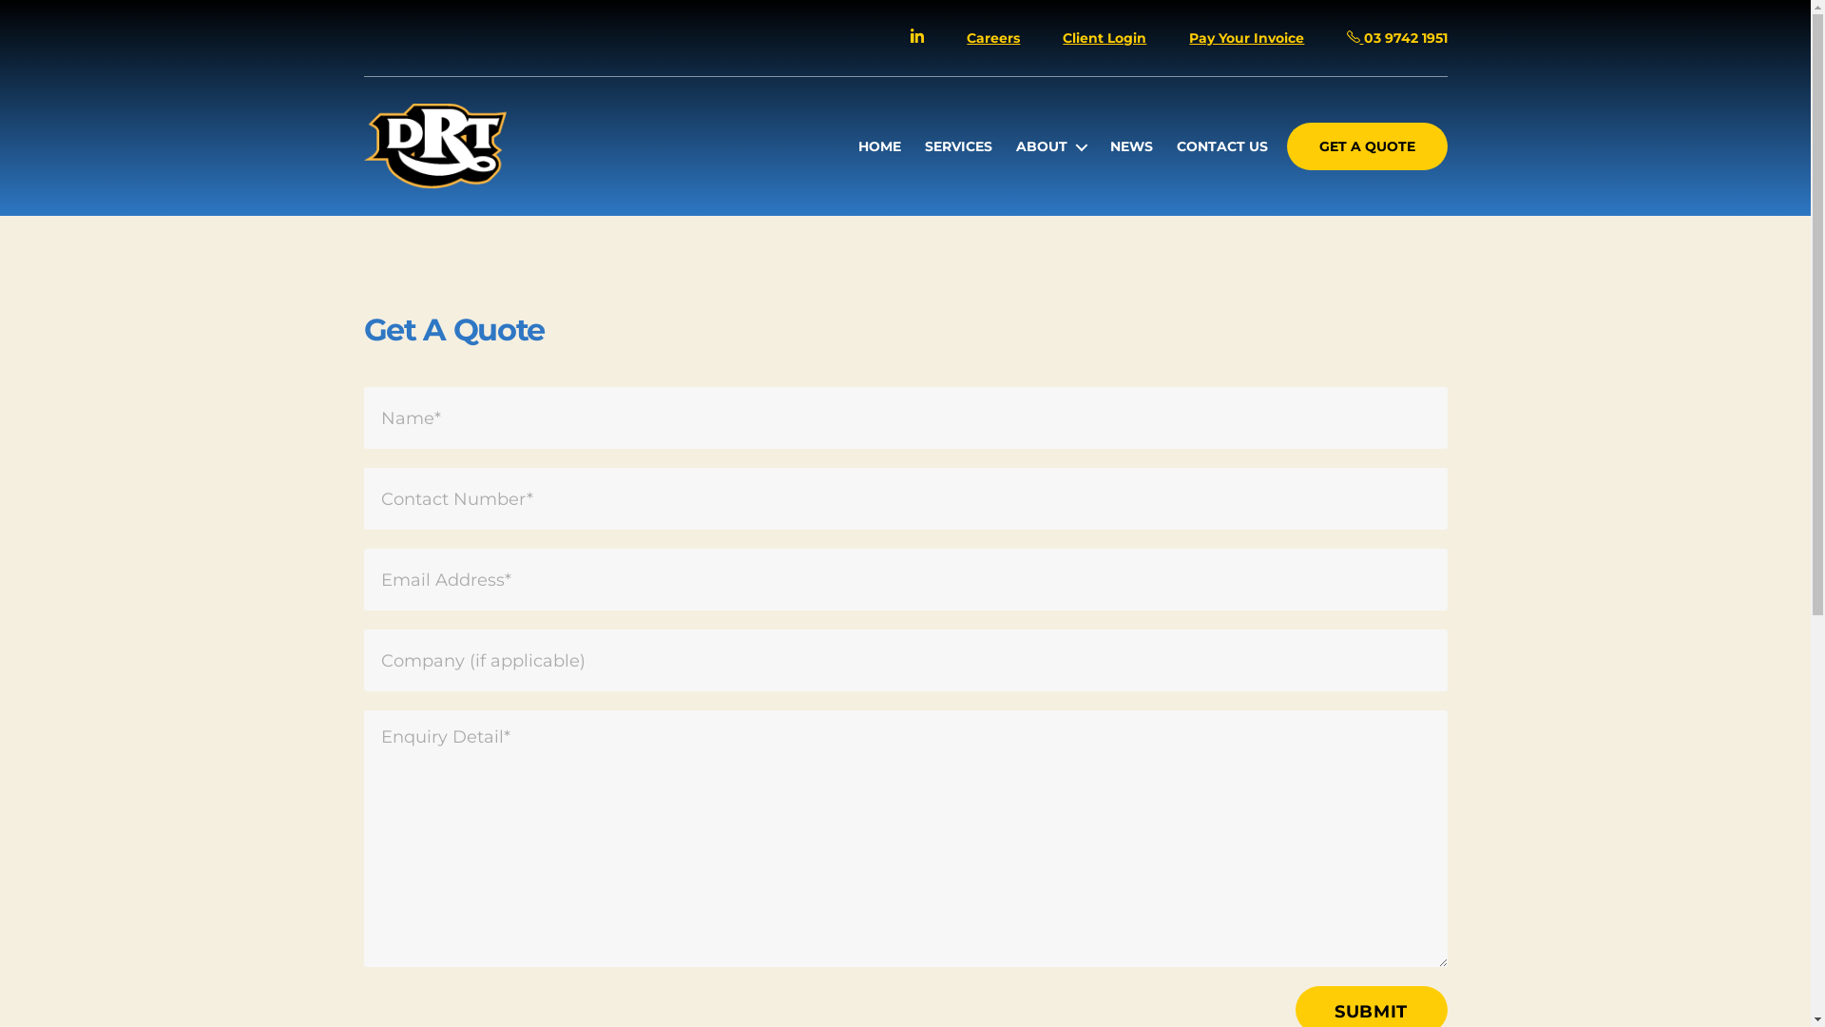 Image resolution: width=1825 pixels, height=1027 pixels. I want to click on 'SERVICES', so click(925, 145).